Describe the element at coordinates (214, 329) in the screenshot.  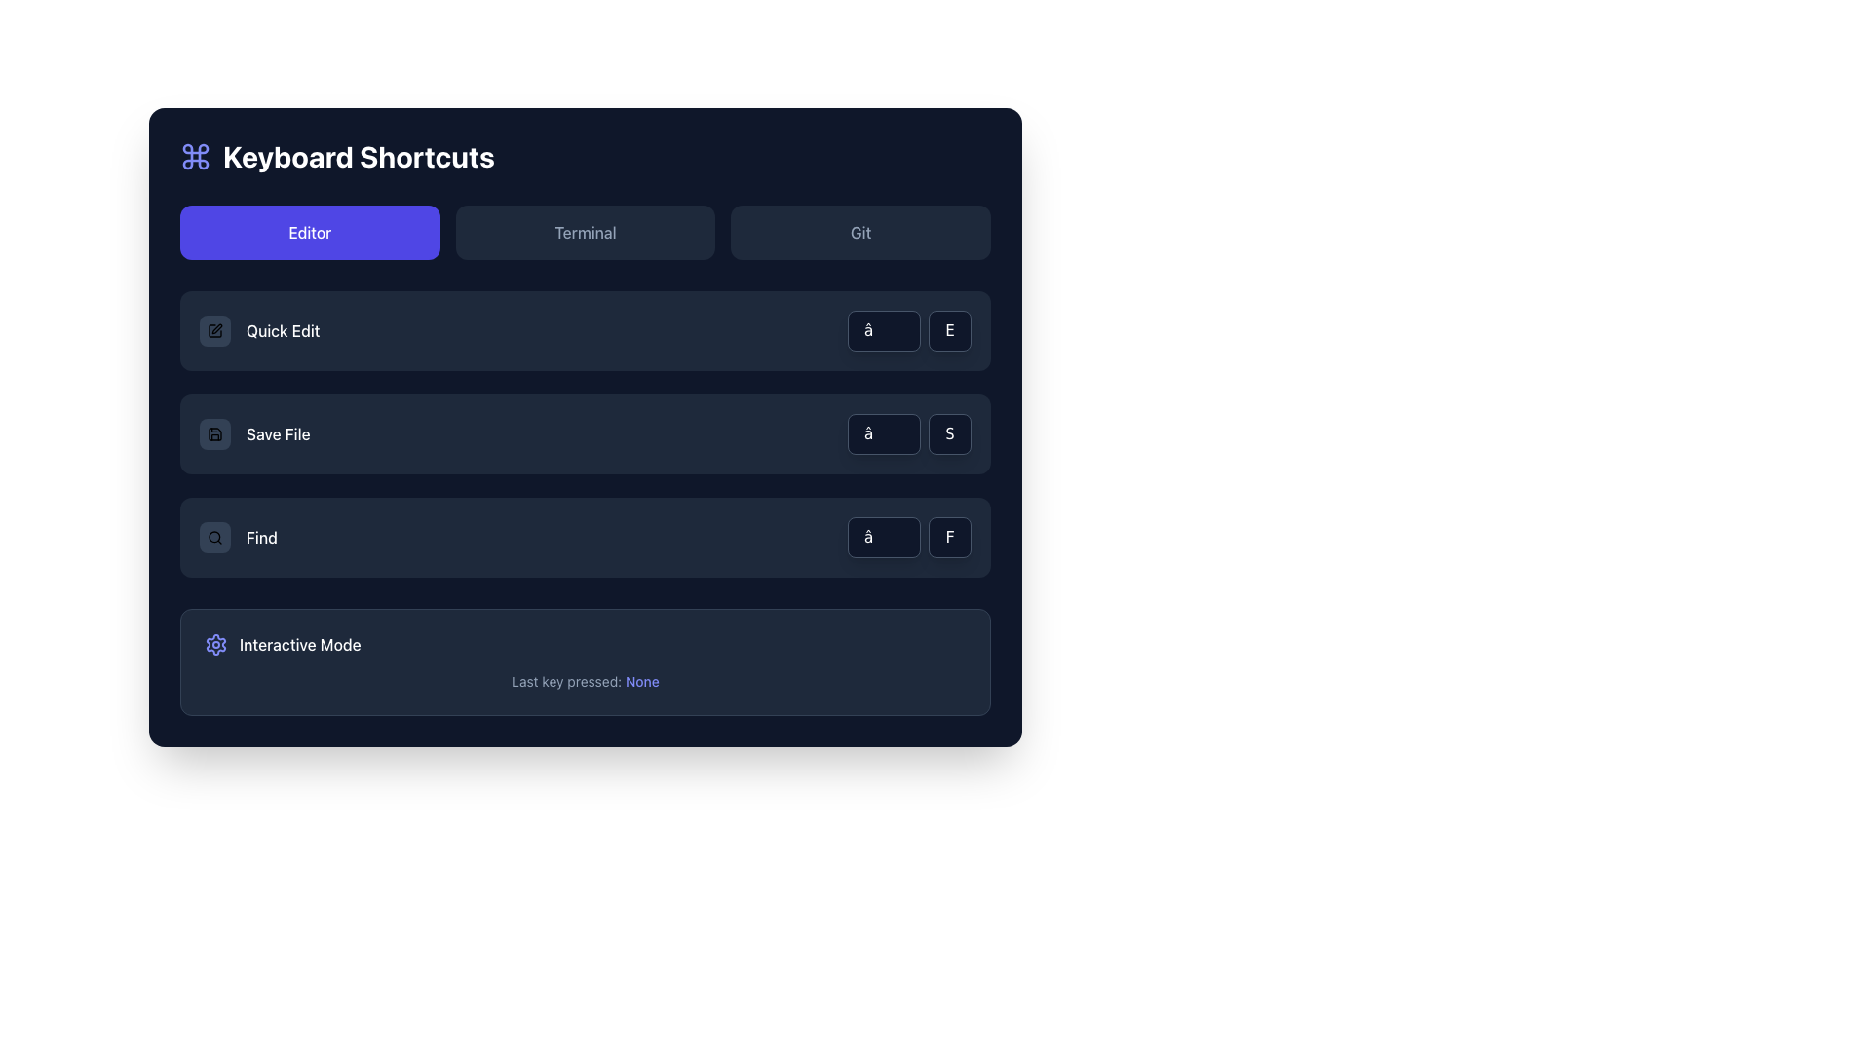
I see `the small square button with a pen icon, which is the leftmost component of the 'Quick Edit' row in the 'Keyboard Shortcuts' panel` at that location.